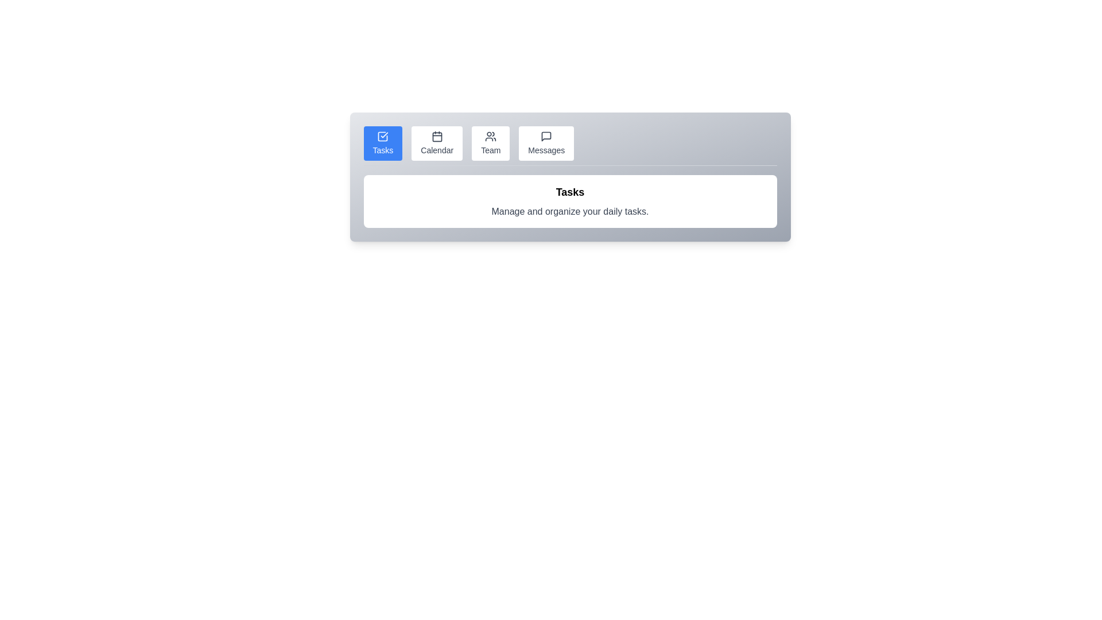 This screenshot has width=1102, height=620. What do you see at coordinates (491, 143) in the screenshot?
I see `the Team tab by clicking its button` at bounding box center [491, 143].